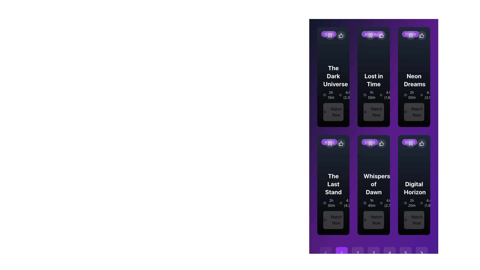 The height and width of the screenshot is (270, 480). Describe the element at coordinates (324, 95) in the screenshot. I see `the circular clock icon located in the upper left corner of the card titled 'The Dark Universe'` at that location.